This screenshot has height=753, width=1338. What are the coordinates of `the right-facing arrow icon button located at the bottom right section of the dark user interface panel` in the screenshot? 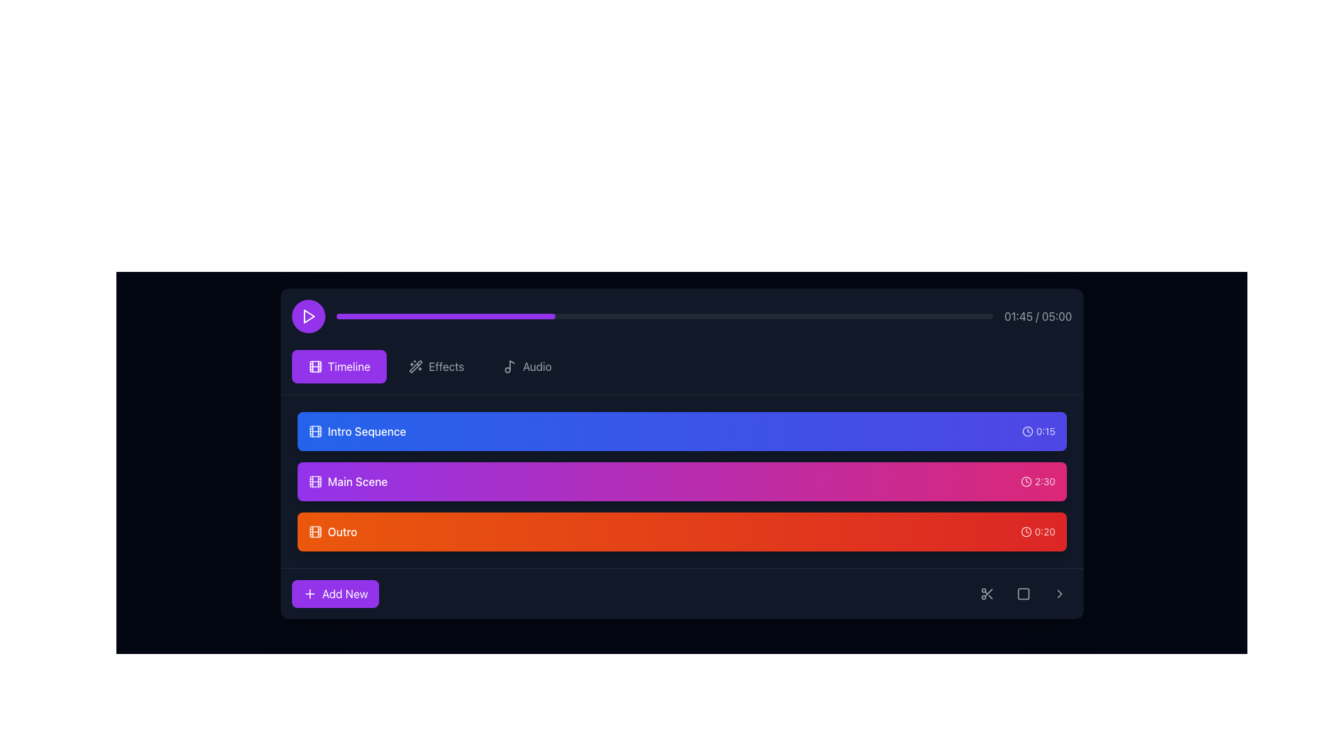 It's located at (1059, 594).